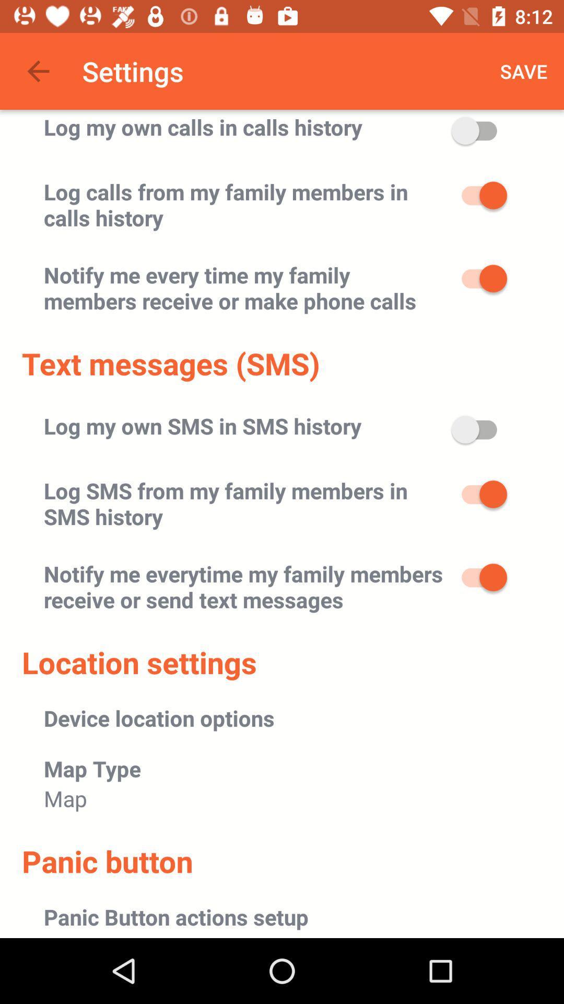 This screenshot has width=564, height=1004. Describe the element at coordinates (524, 71) in the screenshot. I see `the save item` at that location.